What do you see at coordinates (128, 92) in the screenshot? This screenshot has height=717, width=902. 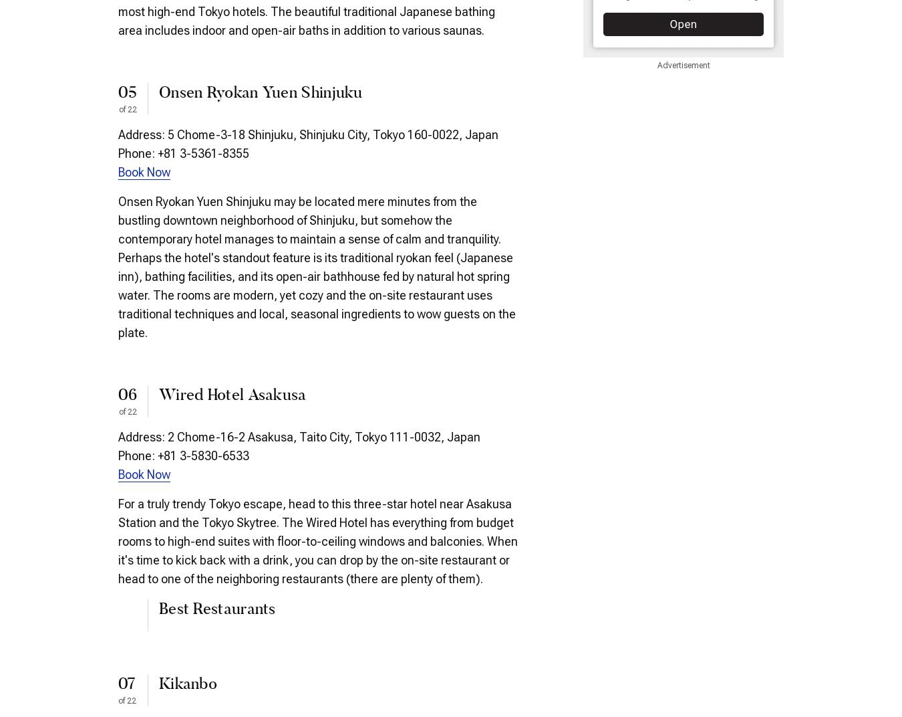 I see `'05'` at bounding box center [128, 92].